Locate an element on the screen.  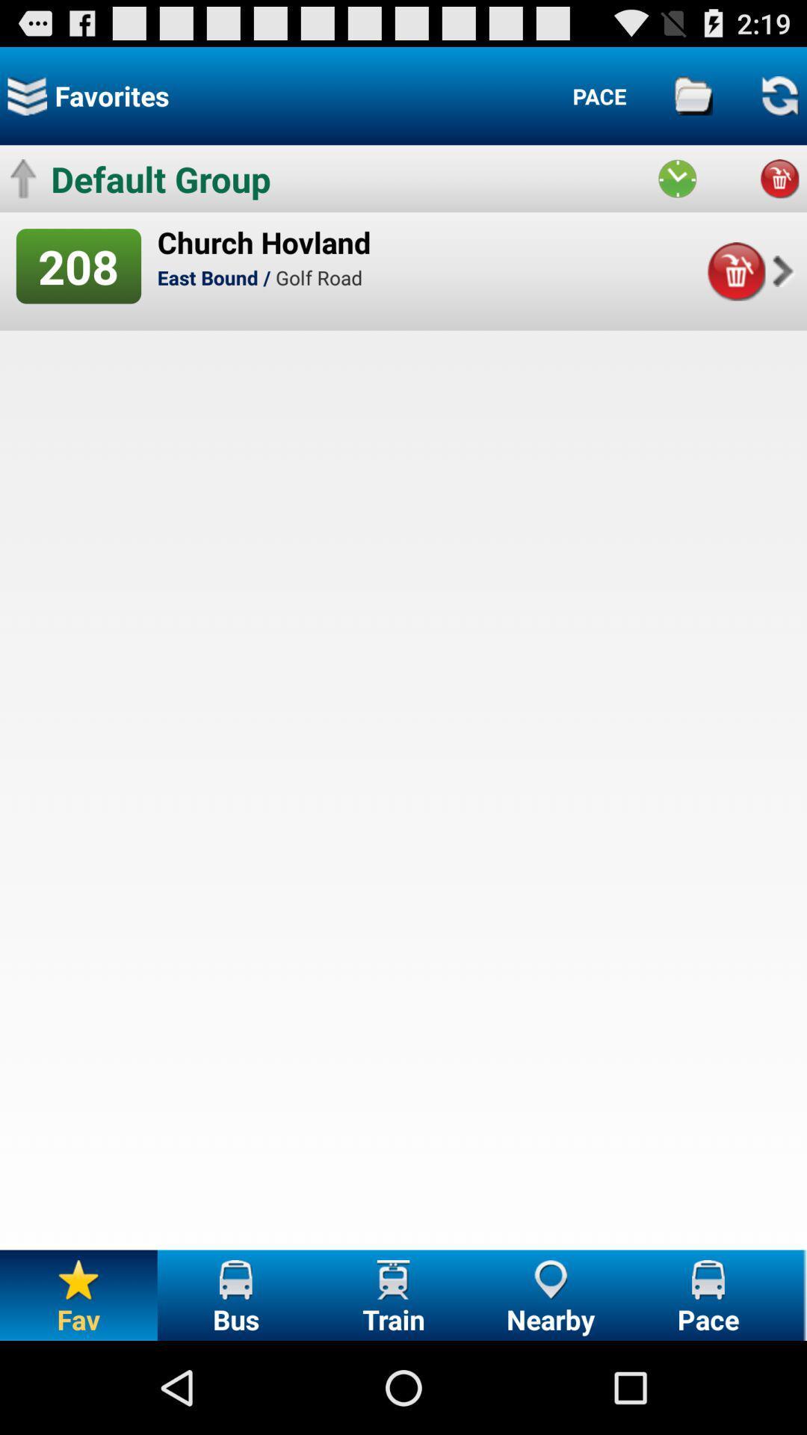
delete option is located at coordinates (779, 179).